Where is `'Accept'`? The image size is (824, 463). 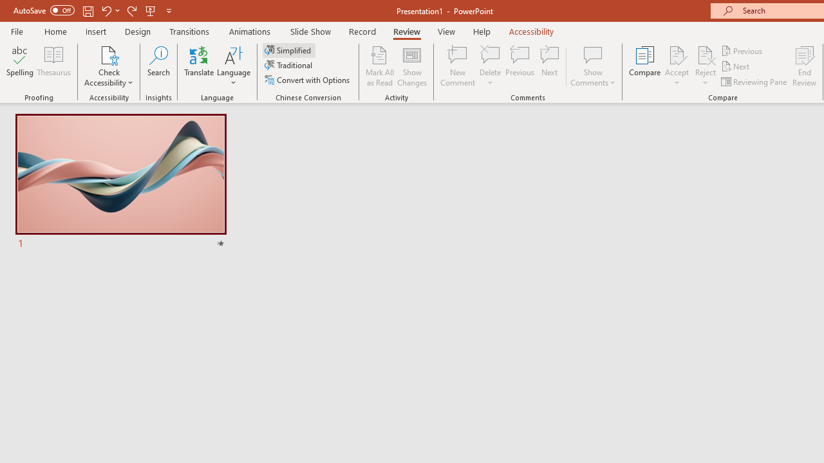
'Accept' is located at coordinates (676, 66).